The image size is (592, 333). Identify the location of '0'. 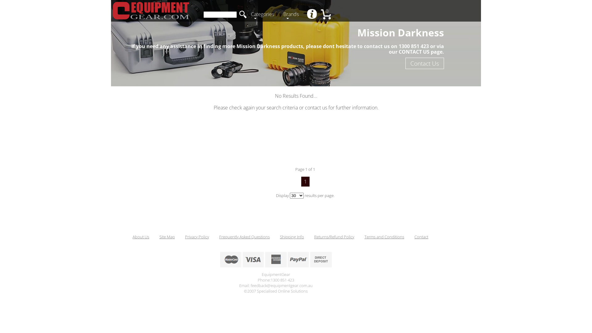
(328, 14).